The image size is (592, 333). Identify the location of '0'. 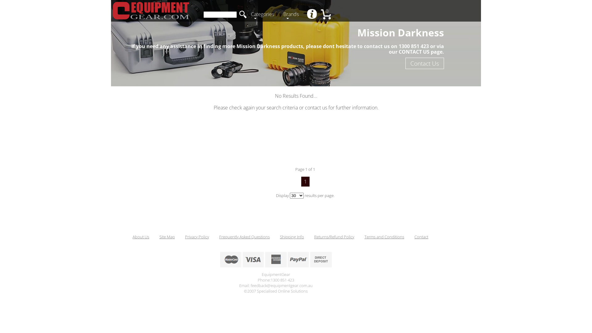
(328, 14).